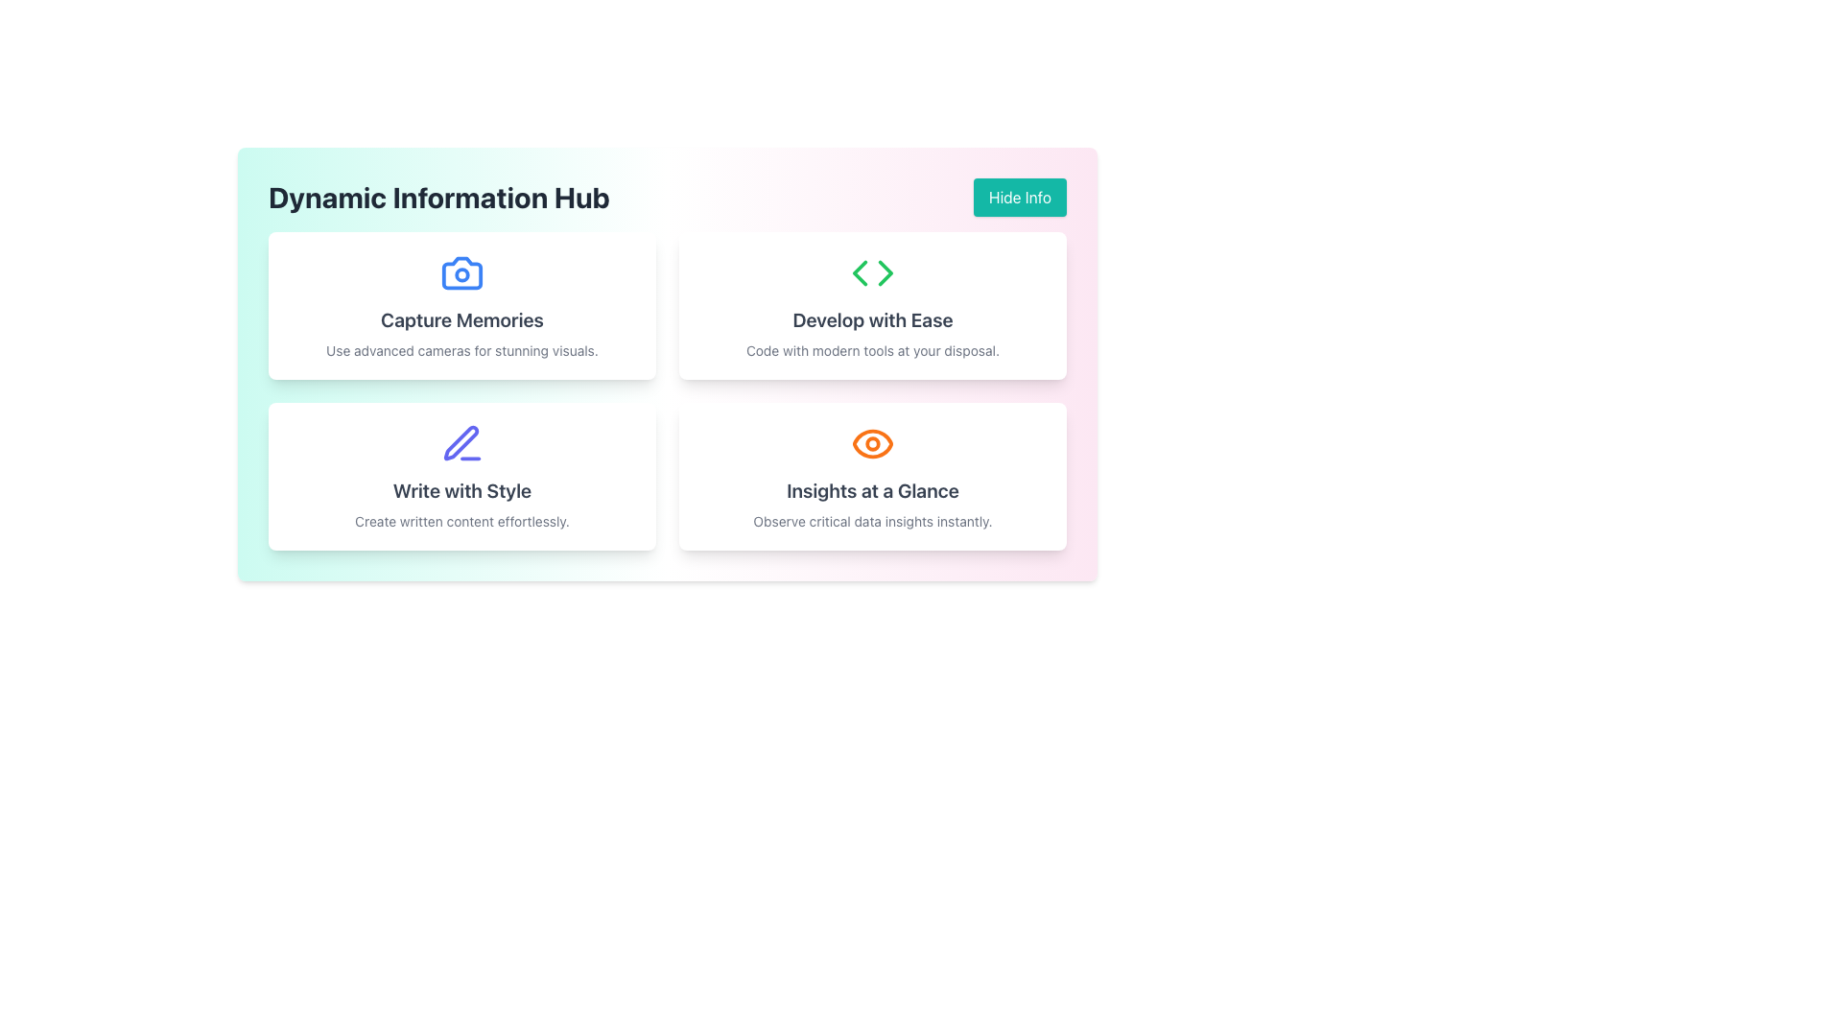 The image size is (1842, 1036). What do you see at coordinates (872, 443) in the screenshot?
I see `the small circular UI component styled with a filled orange color and white center, located within the eye icon to the right of 'Insights at a Glance' in the lower-right card of a grid layout` at bounding box center [872, 443].